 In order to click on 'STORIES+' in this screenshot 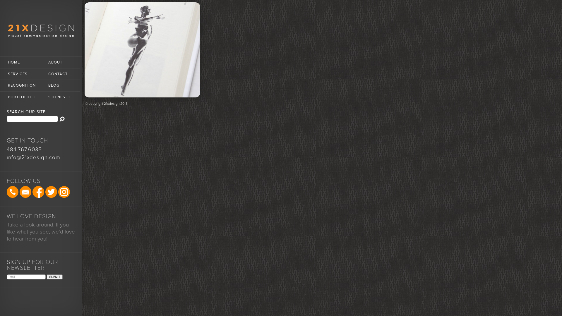, I will do `click(40, 97)`.